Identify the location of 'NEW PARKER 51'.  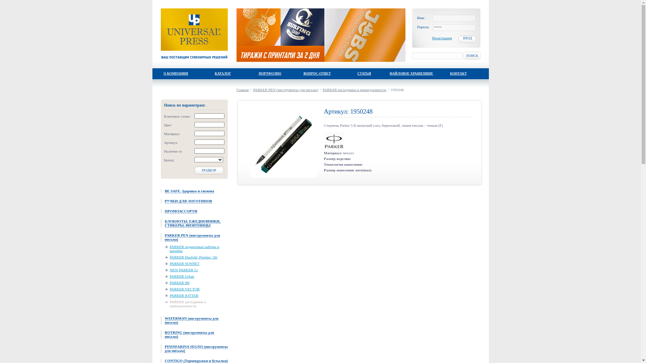
(181, 269).